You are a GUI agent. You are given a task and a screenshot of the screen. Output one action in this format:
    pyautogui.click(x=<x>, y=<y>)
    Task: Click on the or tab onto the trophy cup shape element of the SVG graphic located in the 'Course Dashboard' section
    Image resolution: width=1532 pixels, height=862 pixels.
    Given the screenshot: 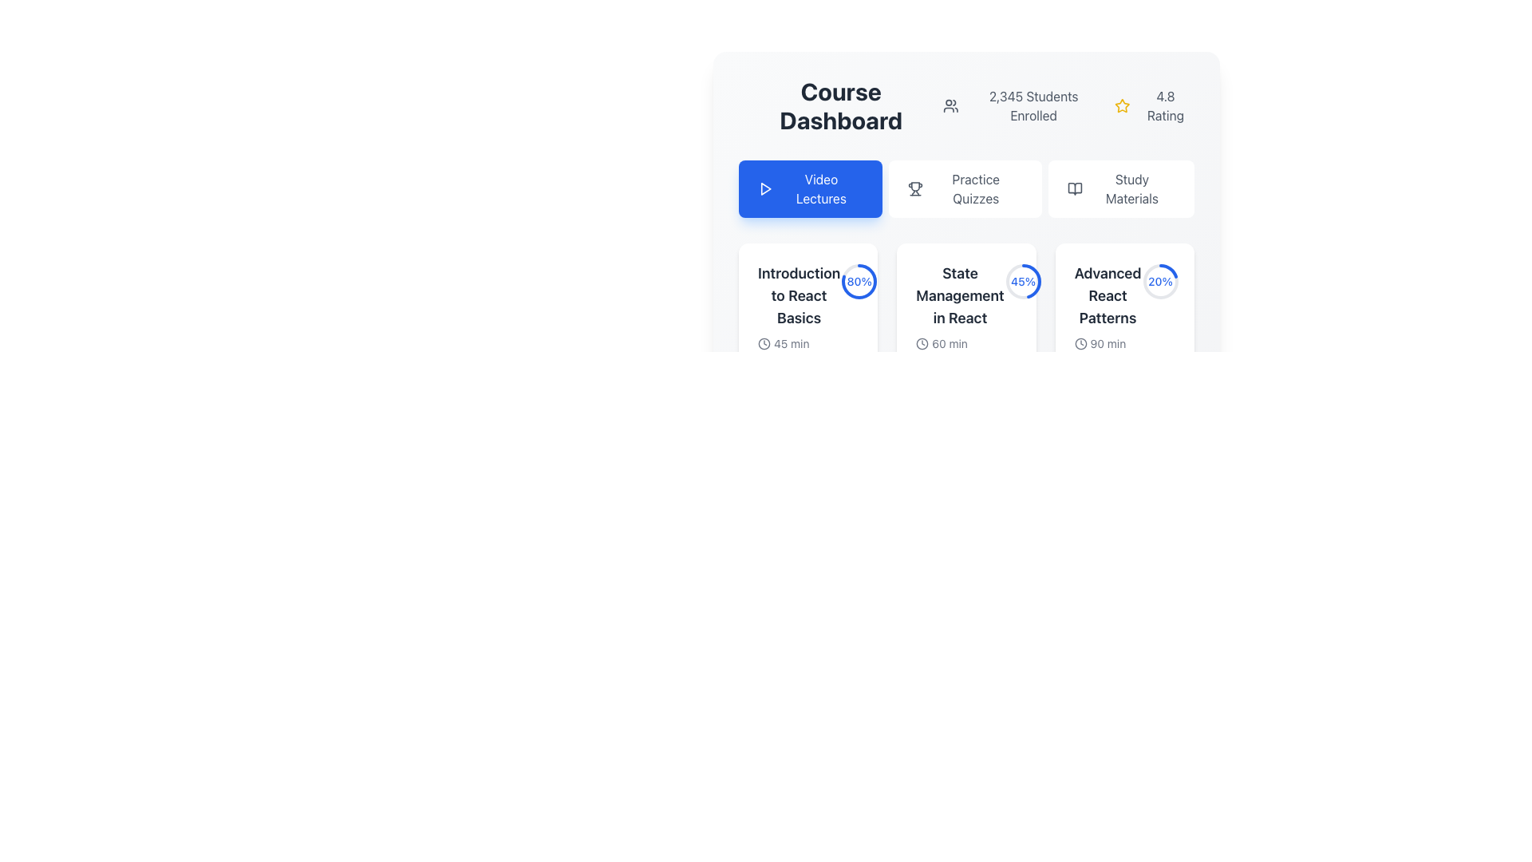 What is the action you would take?
    pyautogui.click(x=915, y=186)
    